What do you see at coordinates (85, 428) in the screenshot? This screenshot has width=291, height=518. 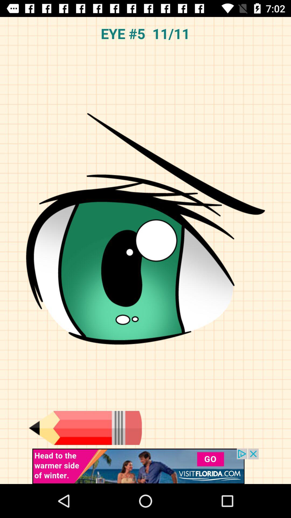 I see `draw tool` at bounding box center [85, 428].